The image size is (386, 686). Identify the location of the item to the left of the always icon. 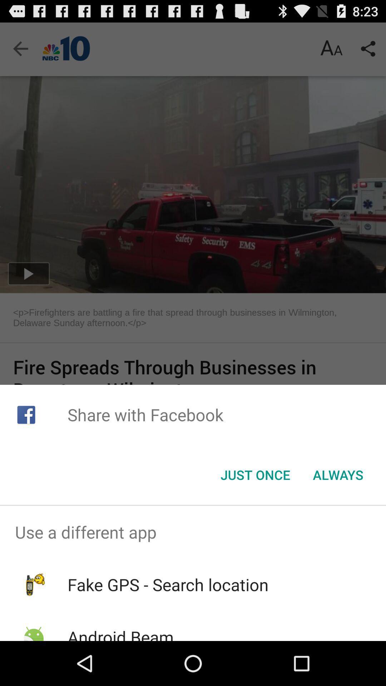
(255, 475).